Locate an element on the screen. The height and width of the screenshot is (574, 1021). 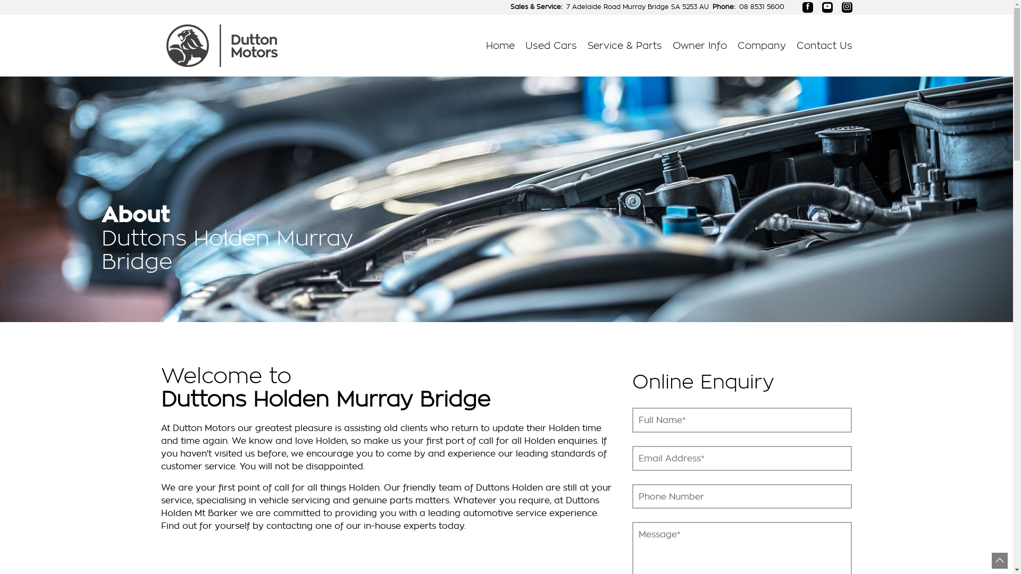
'Service & Parts' is located at coordinates (624, 45).